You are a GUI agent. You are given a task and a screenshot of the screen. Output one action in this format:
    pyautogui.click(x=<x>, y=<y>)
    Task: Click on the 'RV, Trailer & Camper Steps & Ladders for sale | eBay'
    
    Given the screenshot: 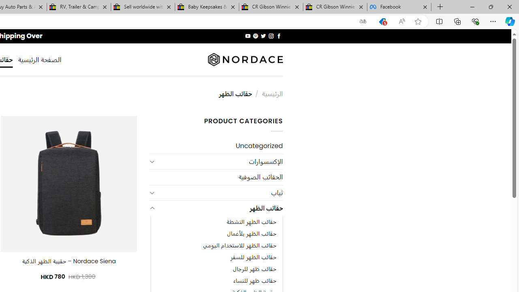 What is the action you would take?
    pyautogui.click(x=79, y=7)
    